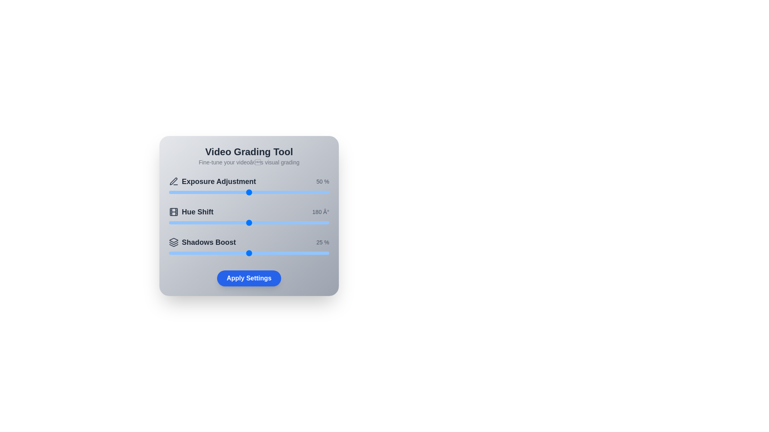 The height and width of the screenshot is (432, 769). I want to click on the exposure adjustment, so click(244, 192).